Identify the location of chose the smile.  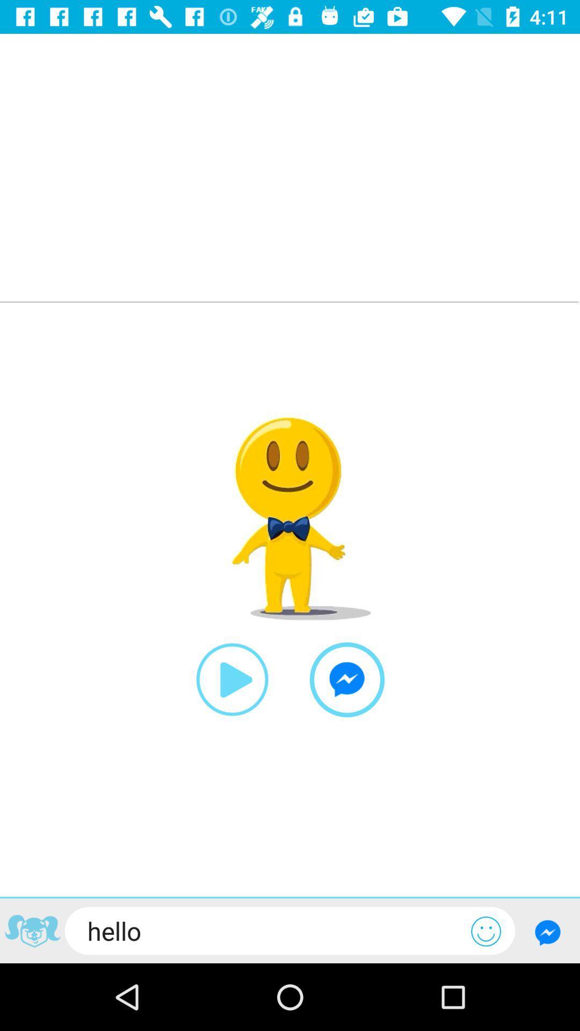
(486, 931).